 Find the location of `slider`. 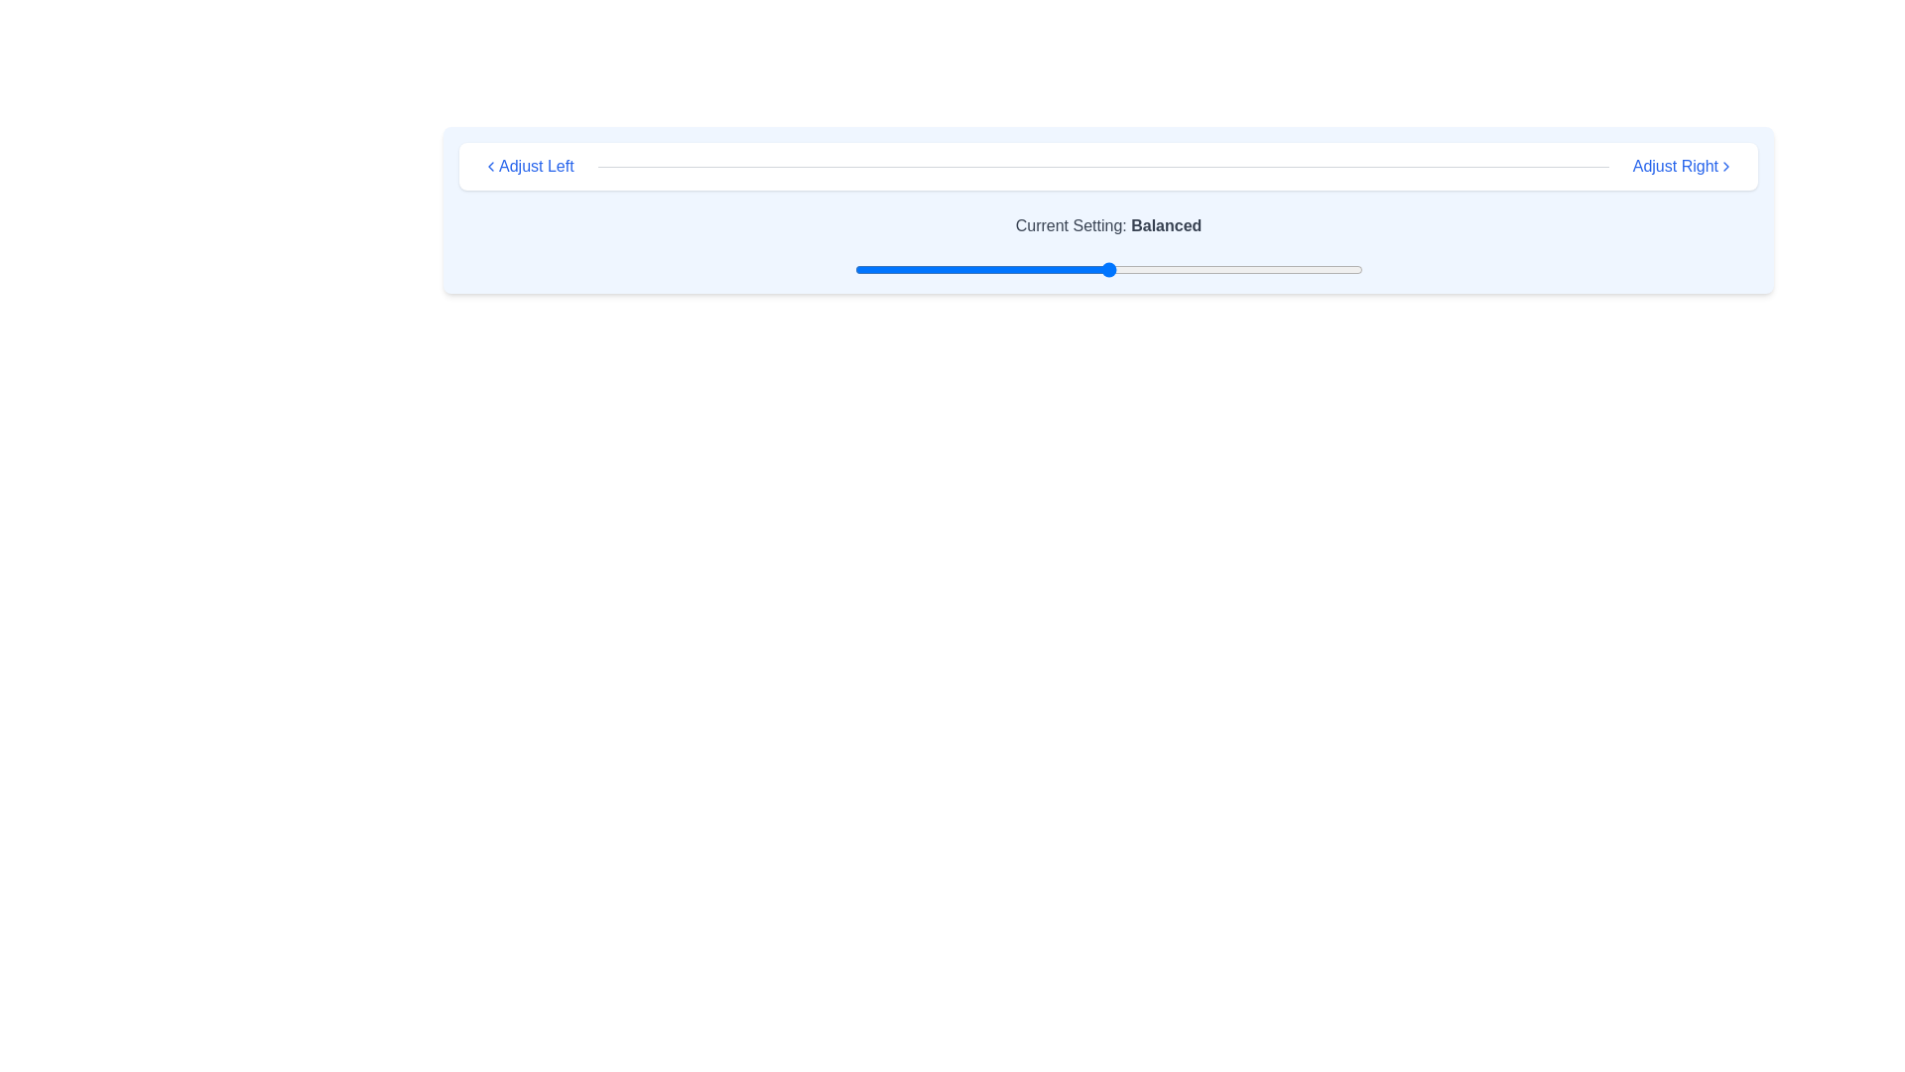

slider is located at coordinates (955, 270).